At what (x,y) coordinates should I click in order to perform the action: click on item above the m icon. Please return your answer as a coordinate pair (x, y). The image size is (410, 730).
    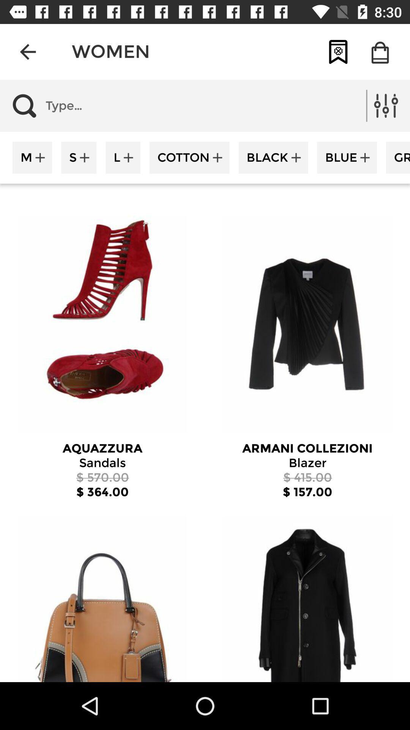
    Looking at the image, I should click on (105, 105).